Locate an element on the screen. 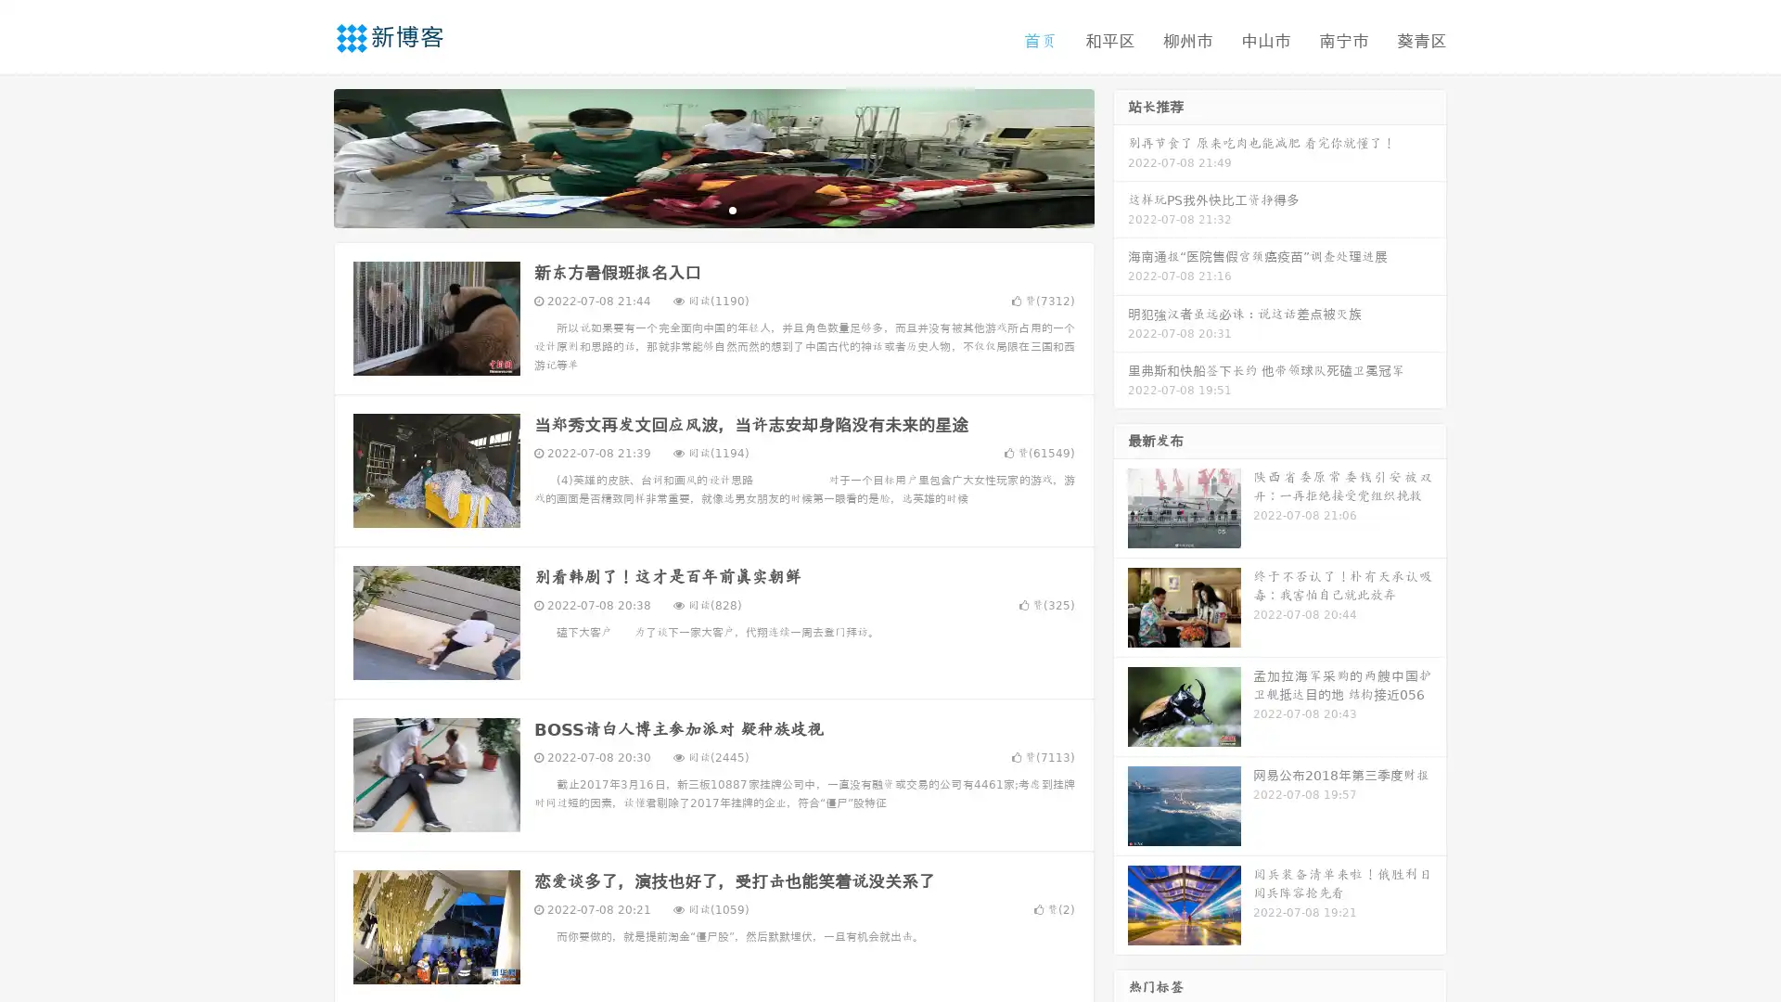 The image size is (1781, 1002). Go to slide 3 is located at coordinates (732, 209).